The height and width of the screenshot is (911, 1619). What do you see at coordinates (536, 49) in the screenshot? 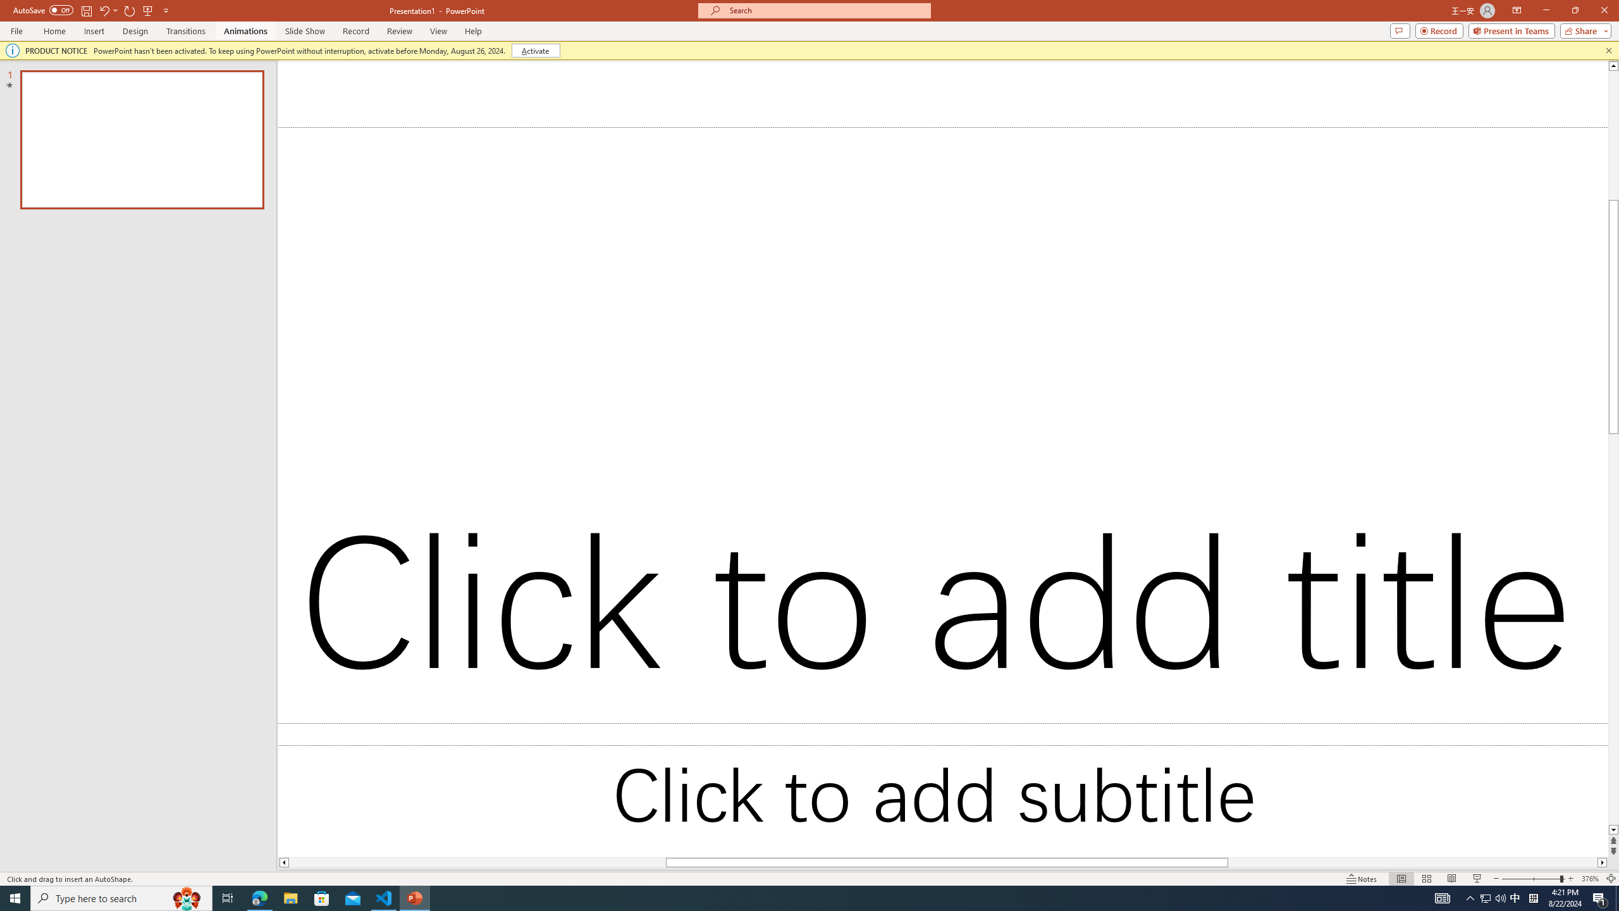
I see `'Activate'` at bounding box center [536, 49].